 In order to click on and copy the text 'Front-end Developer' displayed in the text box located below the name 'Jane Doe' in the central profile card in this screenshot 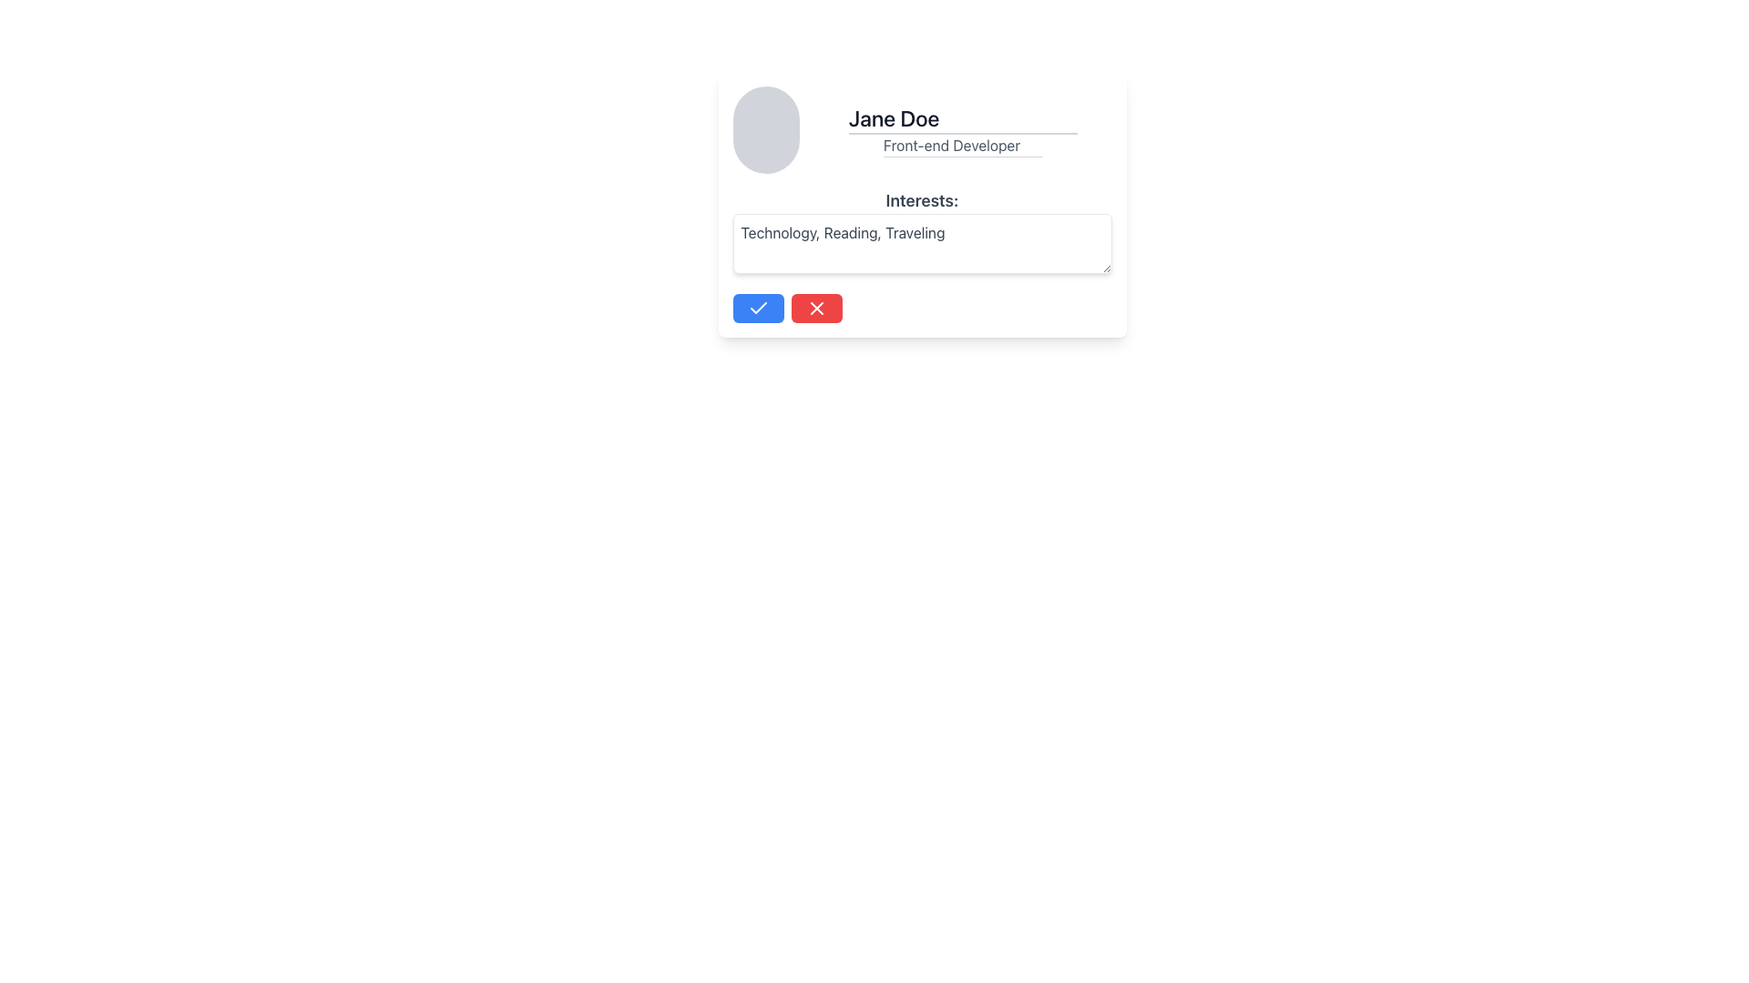, I will do `click(962, 144)`.